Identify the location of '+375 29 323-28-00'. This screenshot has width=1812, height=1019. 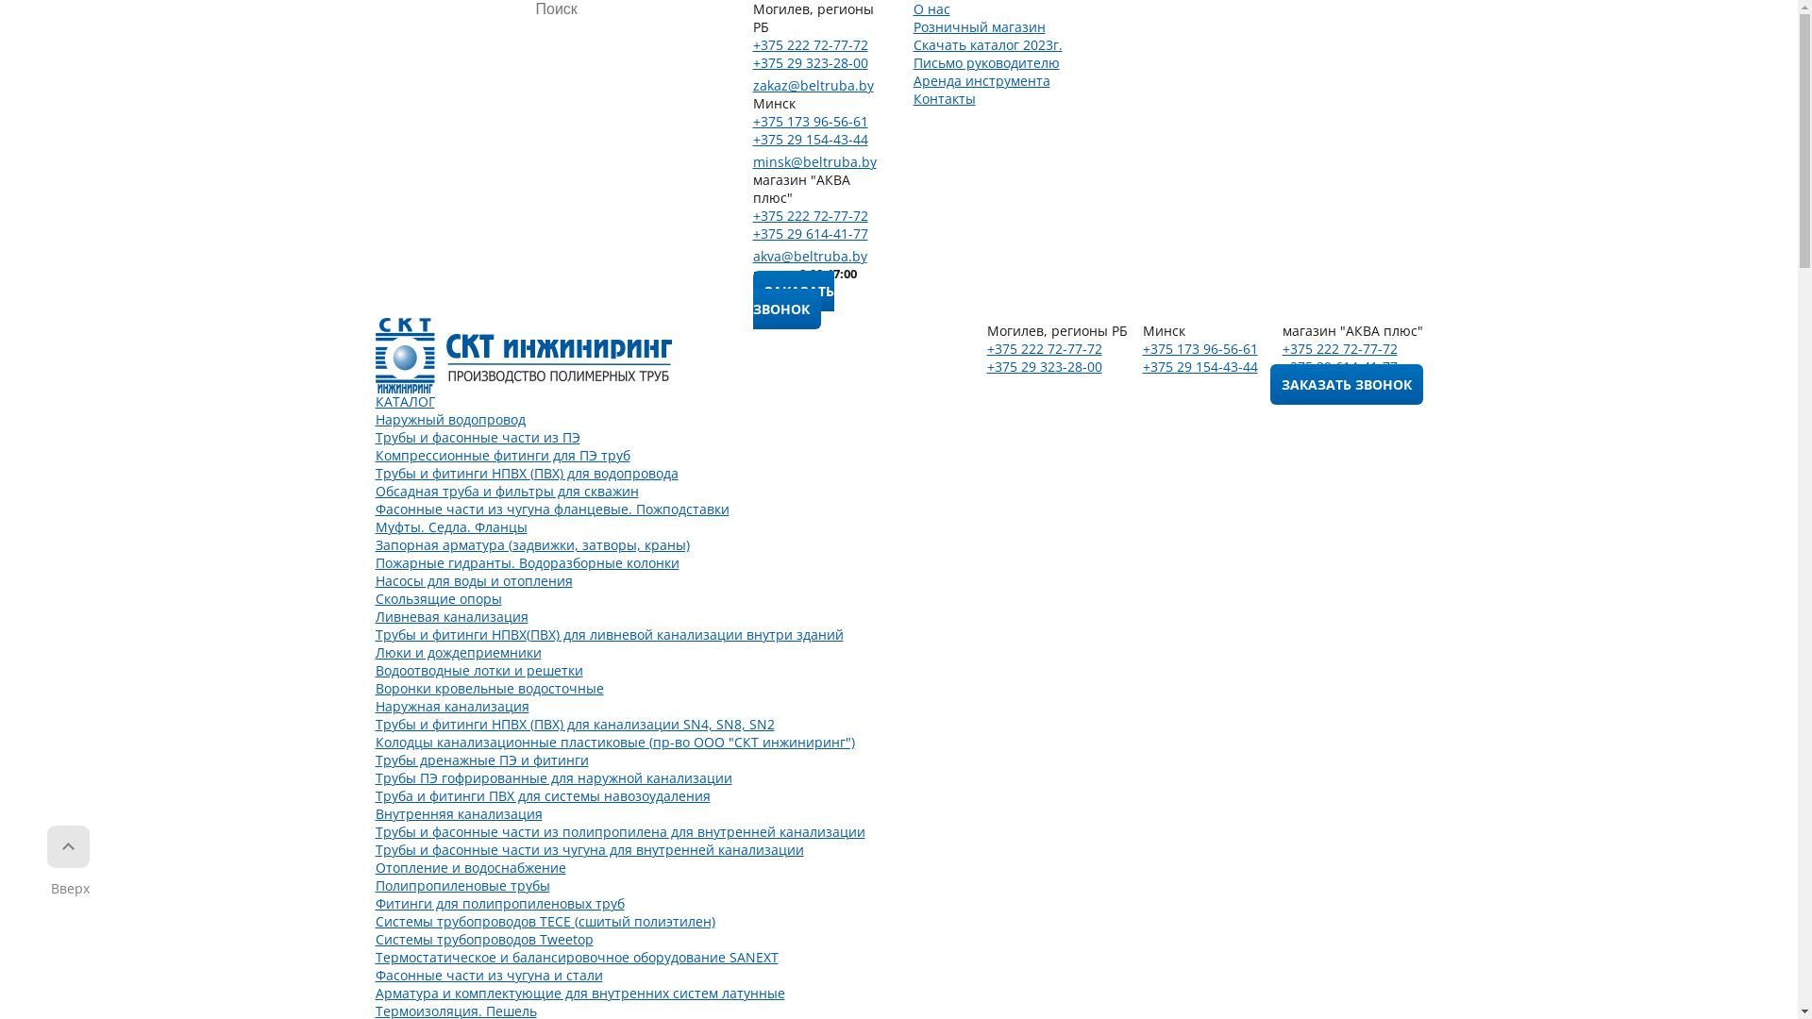
(751, 61).